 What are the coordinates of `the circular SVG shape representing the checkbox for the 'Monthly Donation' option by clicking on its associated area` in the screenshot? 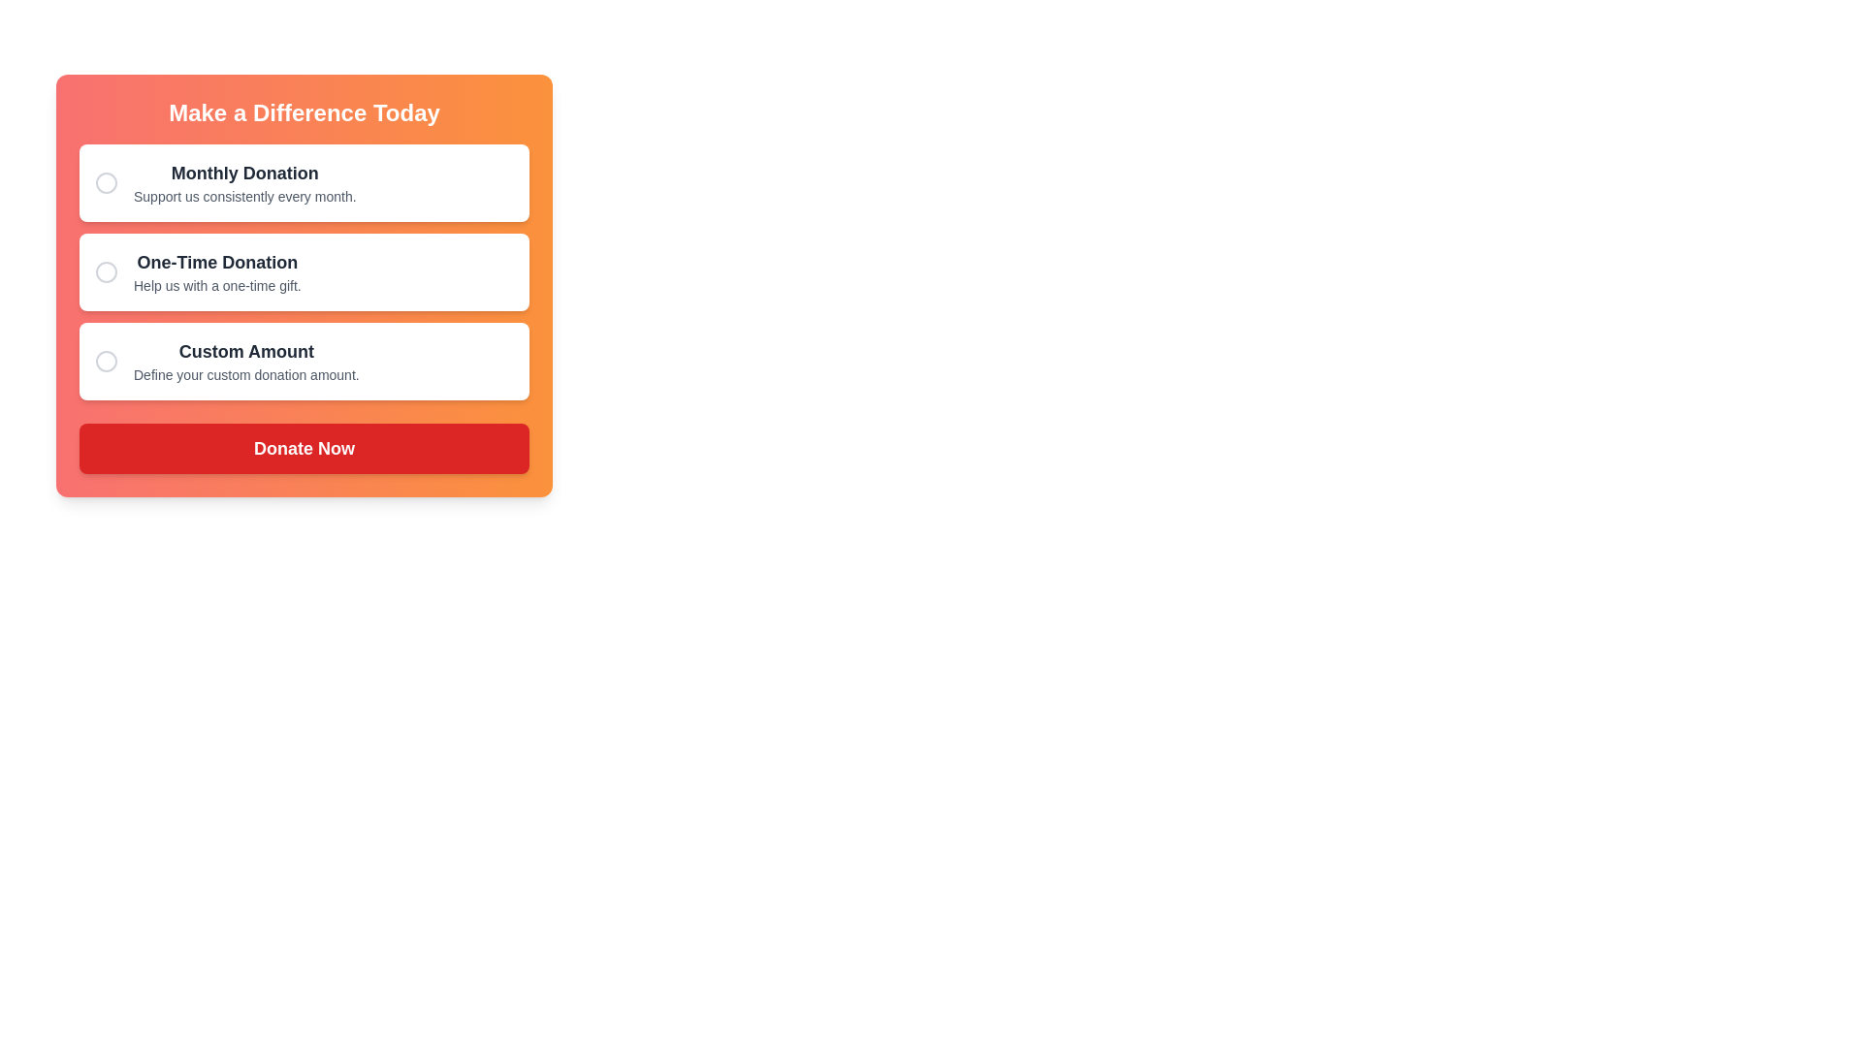 It's located at (106, 183).